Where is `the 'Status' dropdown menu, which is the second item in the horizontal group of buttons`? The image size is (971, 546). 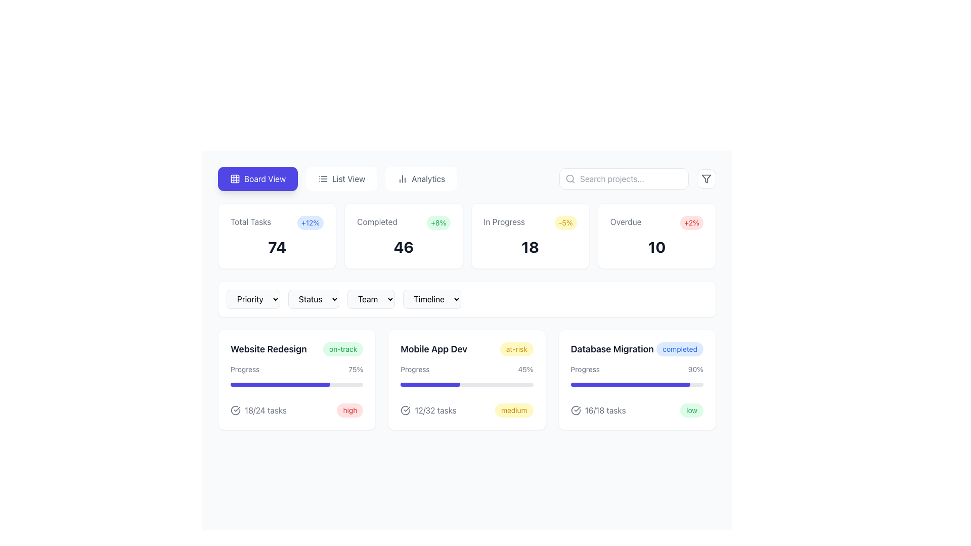
the 'Status' dropdown menu, which is the second item in the horizontal group of buttons is located at coordinates (313, 298).